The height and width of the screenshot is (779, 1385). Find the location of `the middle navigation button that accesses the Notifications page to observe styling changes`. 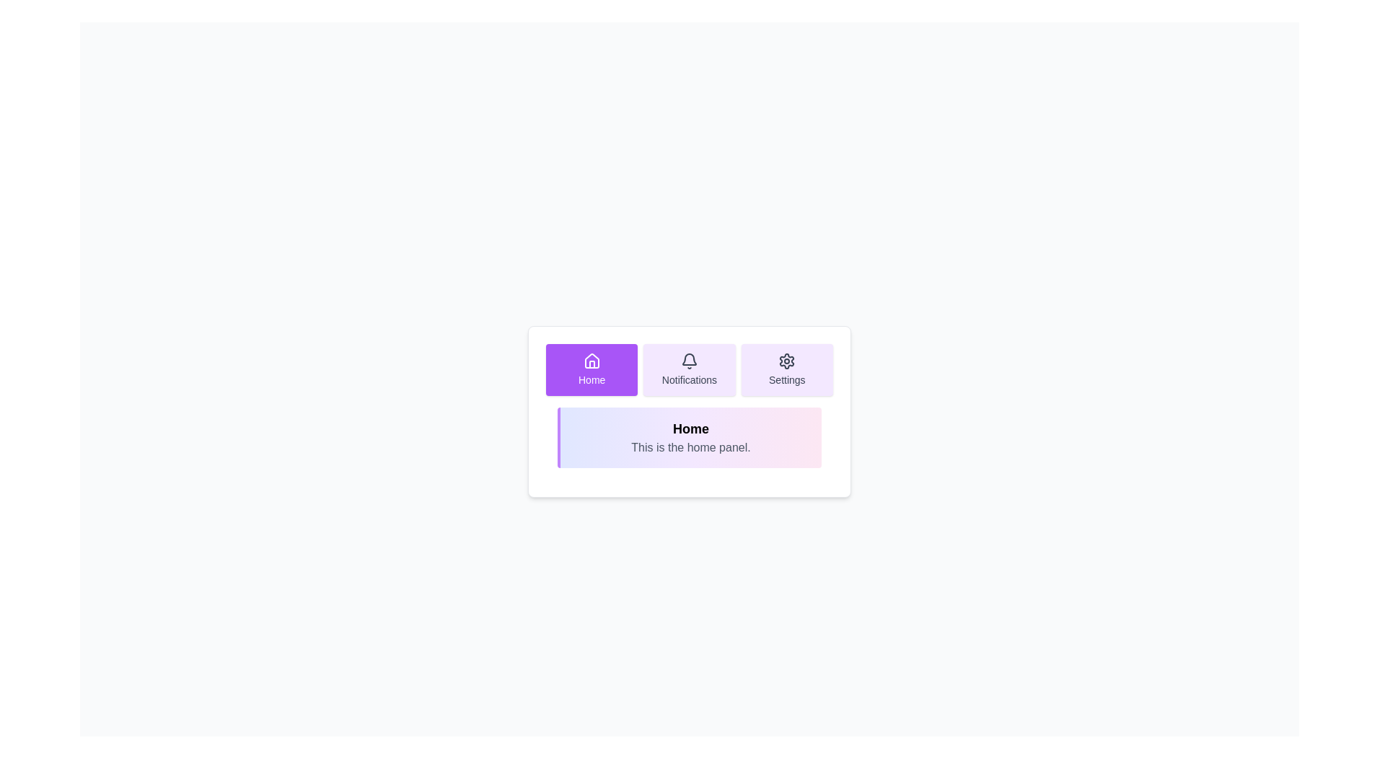

the middle navigation button that accesses the Notifications page to observe styling changes is located at coordinates (688, 369).